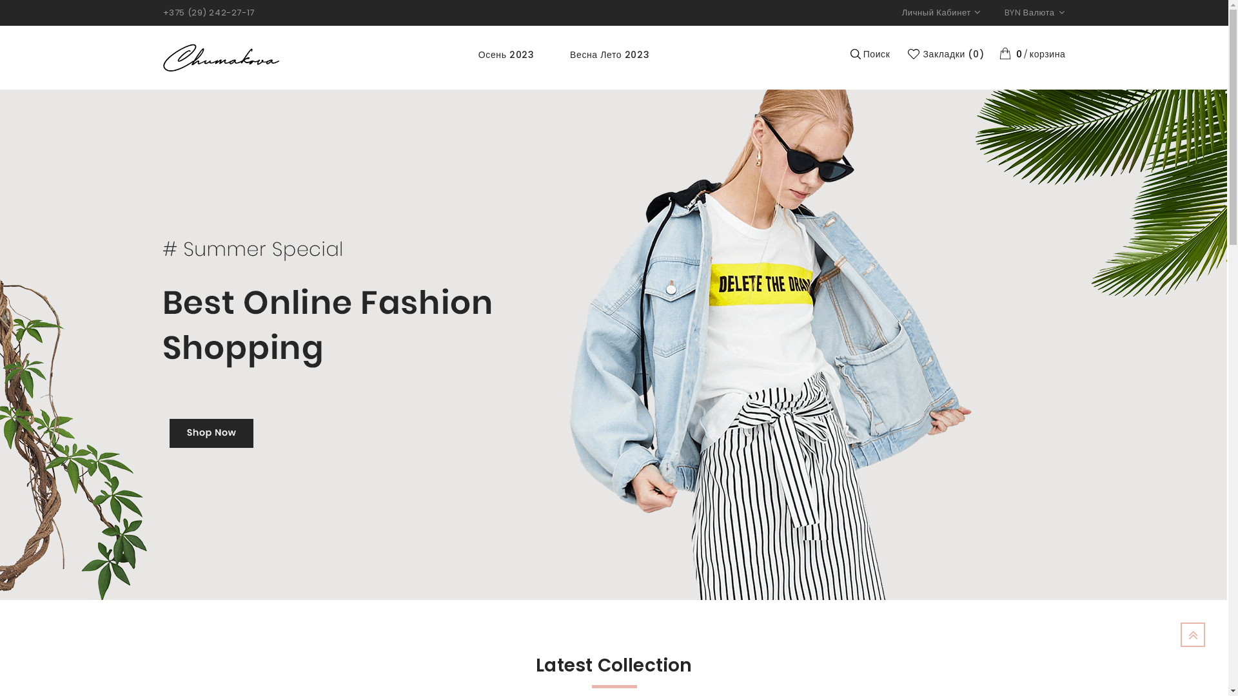 The width and height of the screenshot is (1238, 696). Describe the element at coordinates (1192, 633) in the screenshot. I see `'TOP'` at that location.